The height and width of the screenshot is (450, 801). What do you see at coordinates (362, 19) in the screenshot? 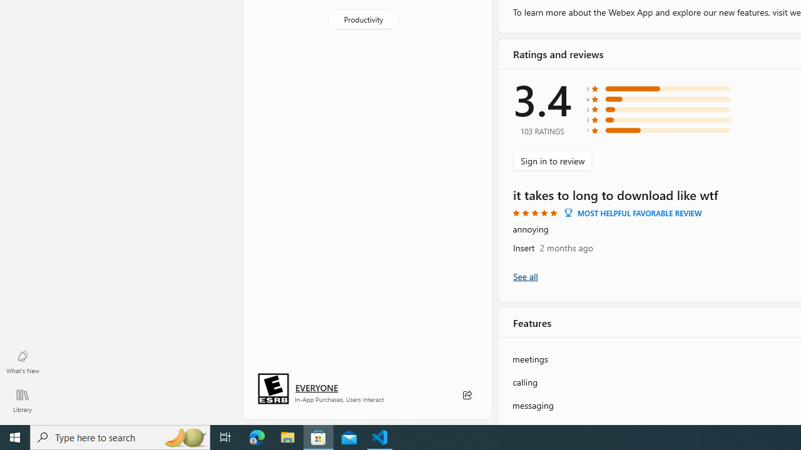
I see `'Productivity'` at bounding box center [362, 19].